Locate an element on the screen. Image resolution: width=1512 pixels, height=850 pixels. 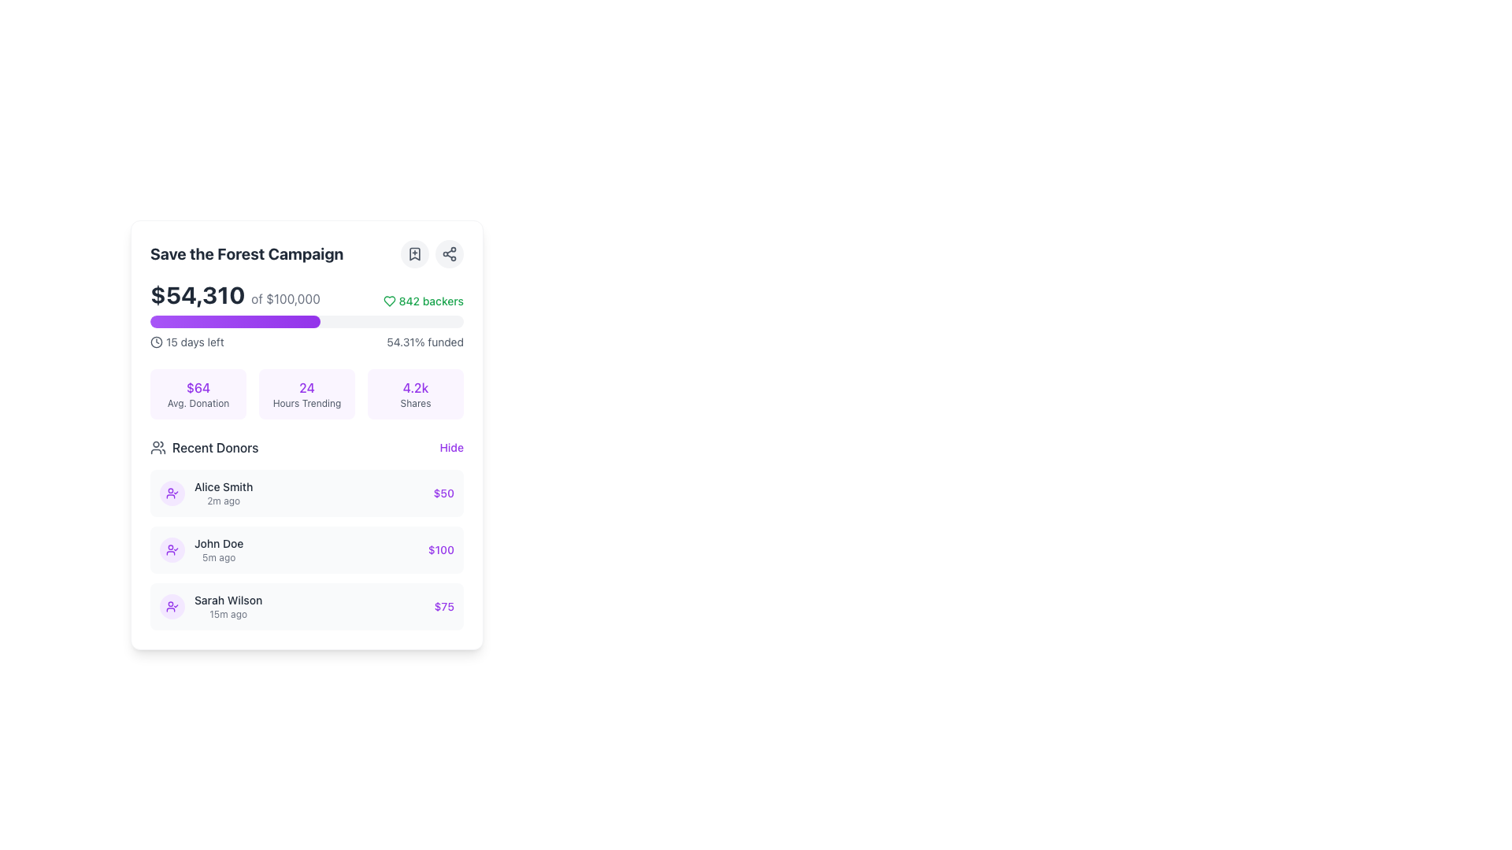
the verified user icon for 'Sarah Wilson' located in the 'Recent Donors' section, which is the third icon in the list is located at coordinates (172, 606).